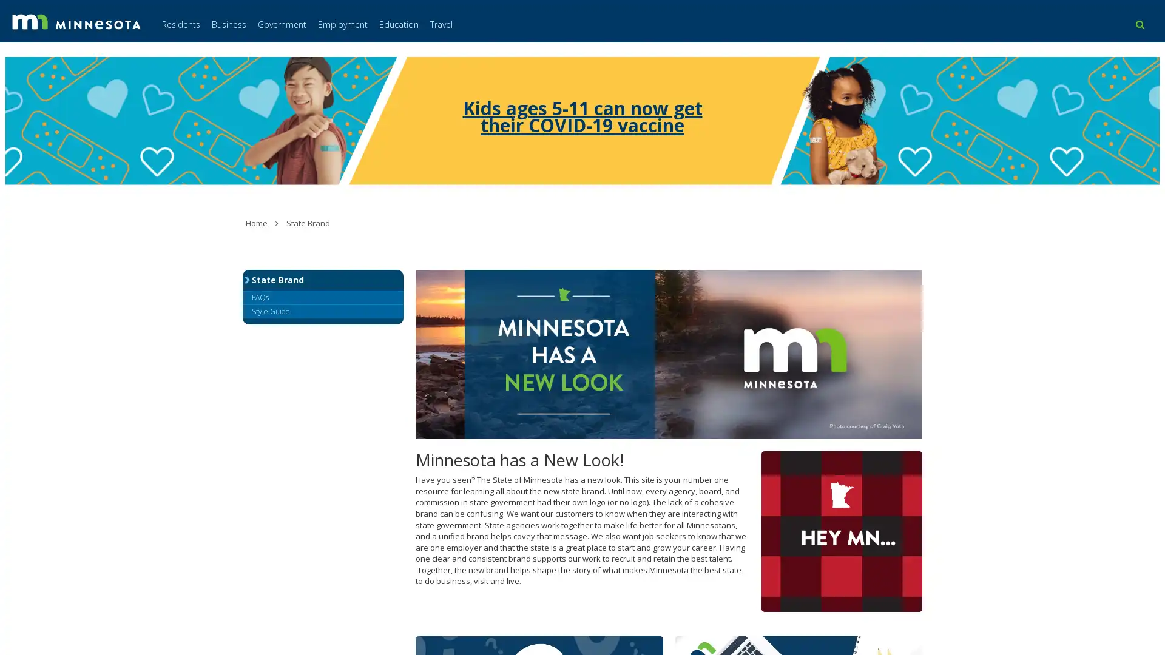 This screenshot has height=655, width=1165. Describe the element at coordinates (1140, 24) in the screenshot. I see `use this button to toggle the search field` at that location.